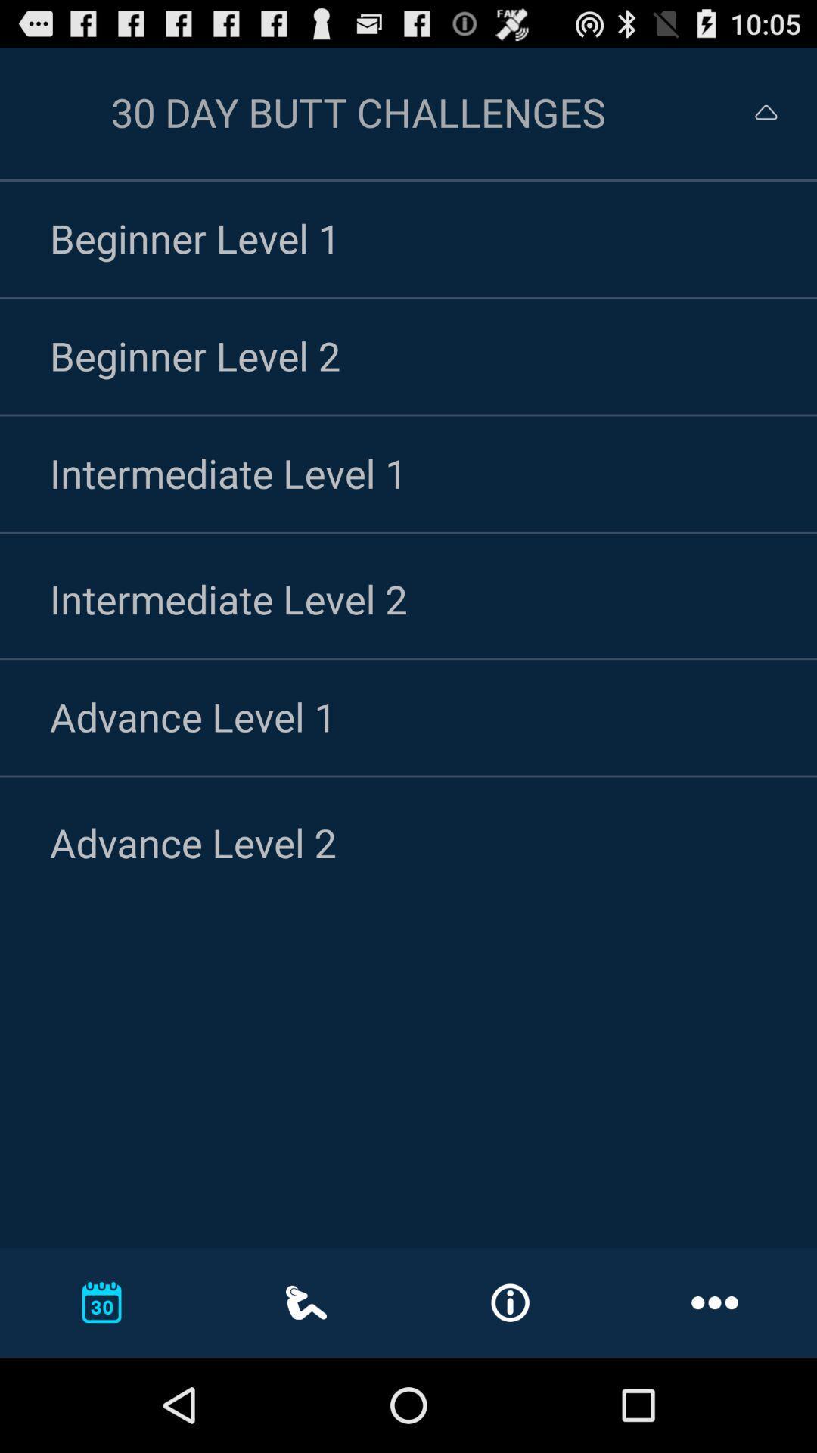  I want to click on caret symbol which is on the right side of 30 day butt challenges, so click(766, 111).